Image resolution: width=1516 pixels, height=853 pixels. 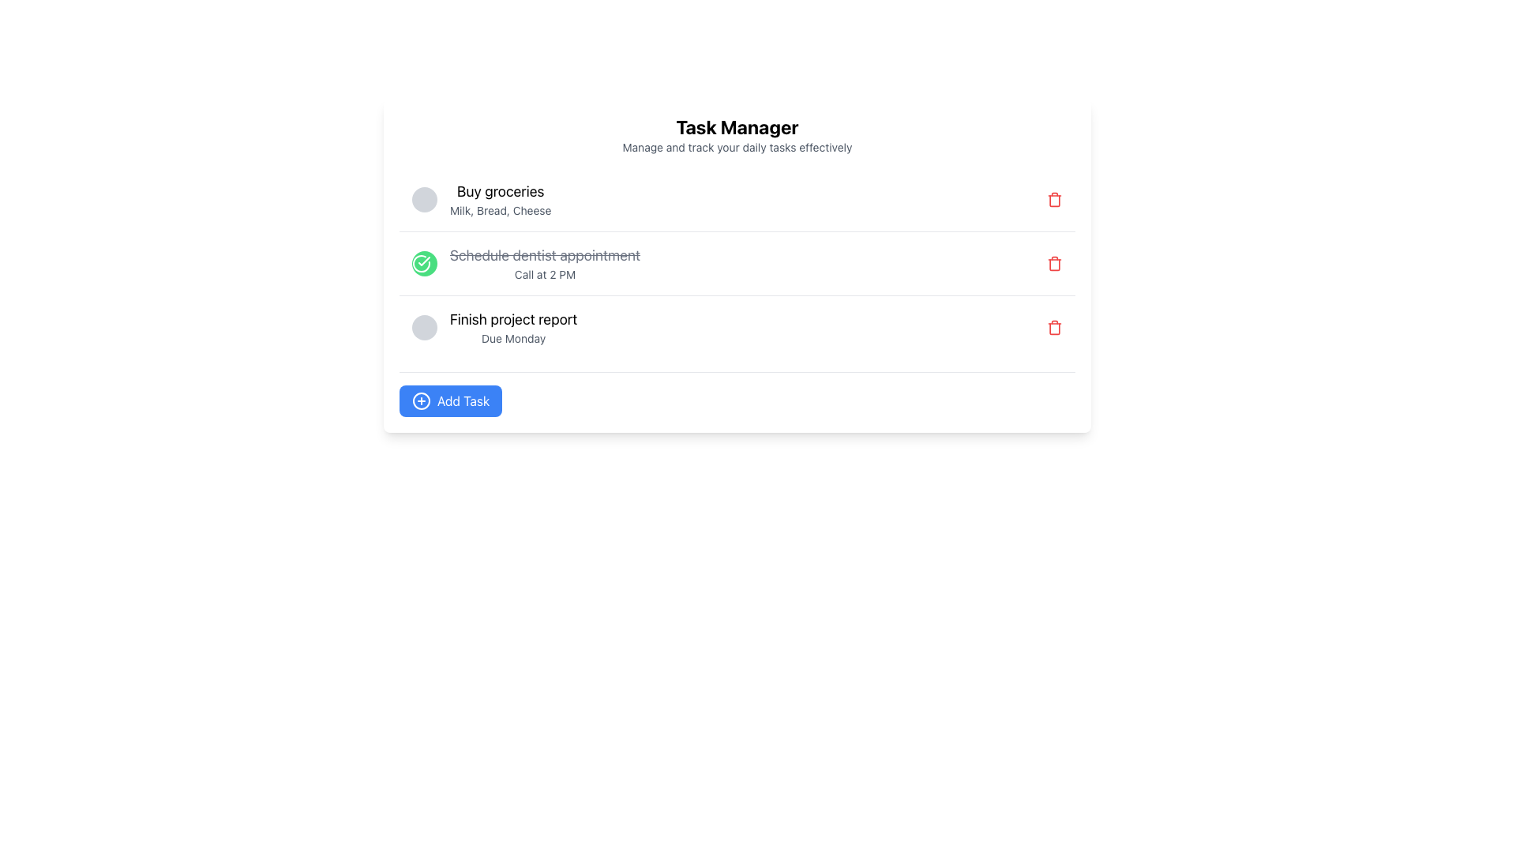 What do you see at coordinates (450, 400) in the screenshot?
I see `the blue 'Add Task' button located at the bottom-left of the task manager interface` at bounding box center [450, 400].